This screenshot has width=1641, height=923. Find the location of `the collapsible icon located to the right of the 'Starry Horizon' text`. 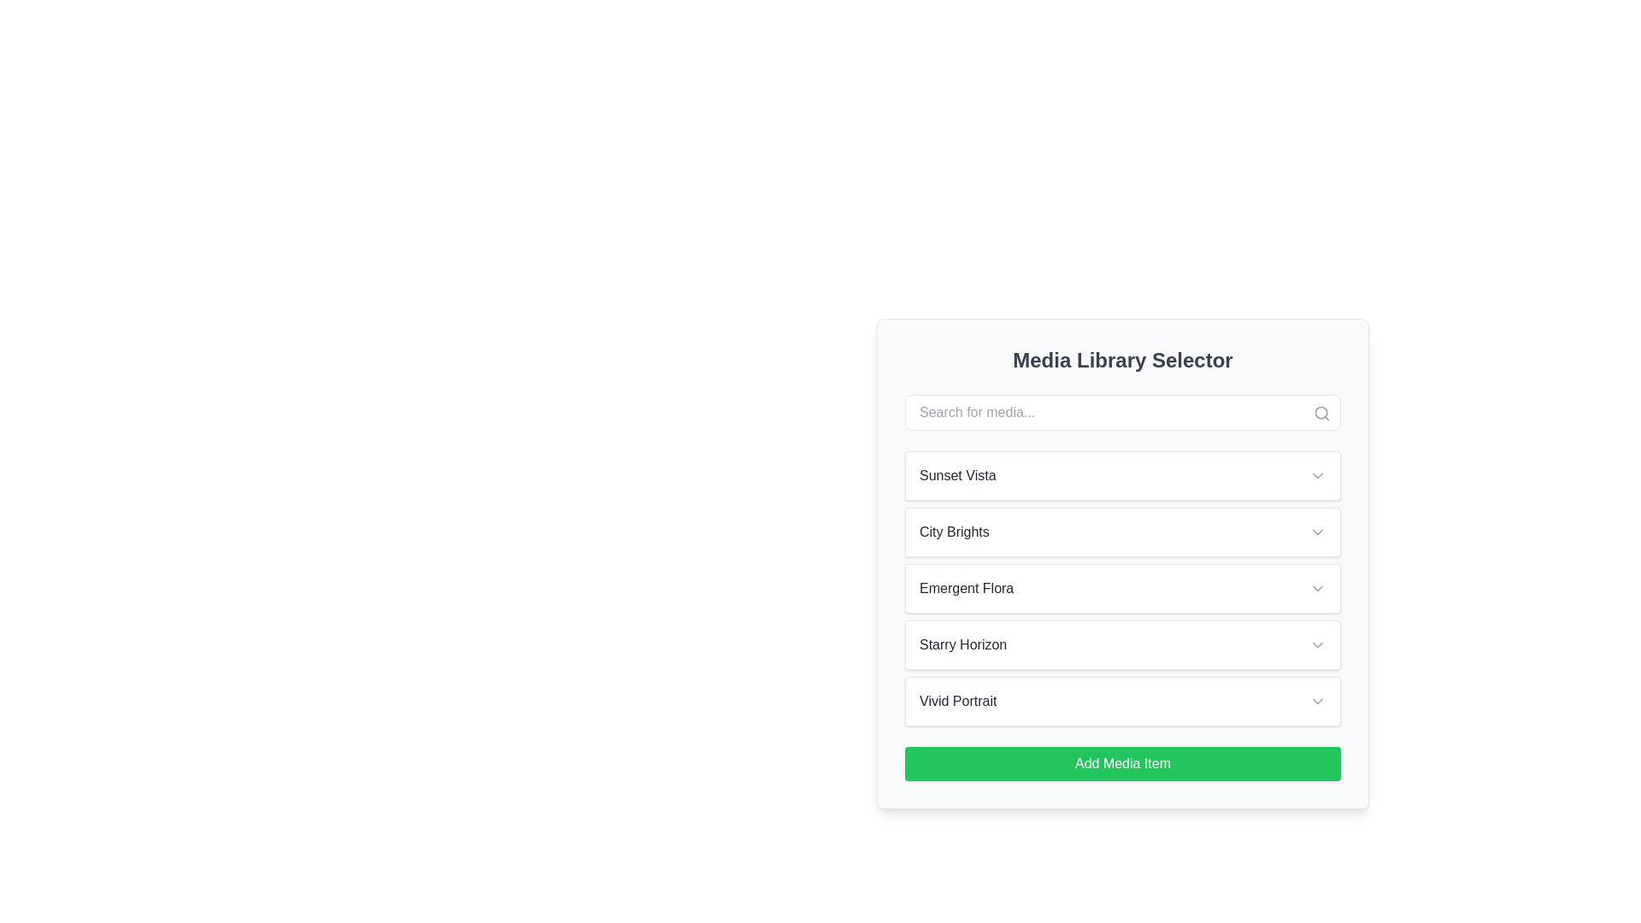

the collapsible icon located to the right of the 'Starry Horizon' text is located at coordinates (1316, 645).